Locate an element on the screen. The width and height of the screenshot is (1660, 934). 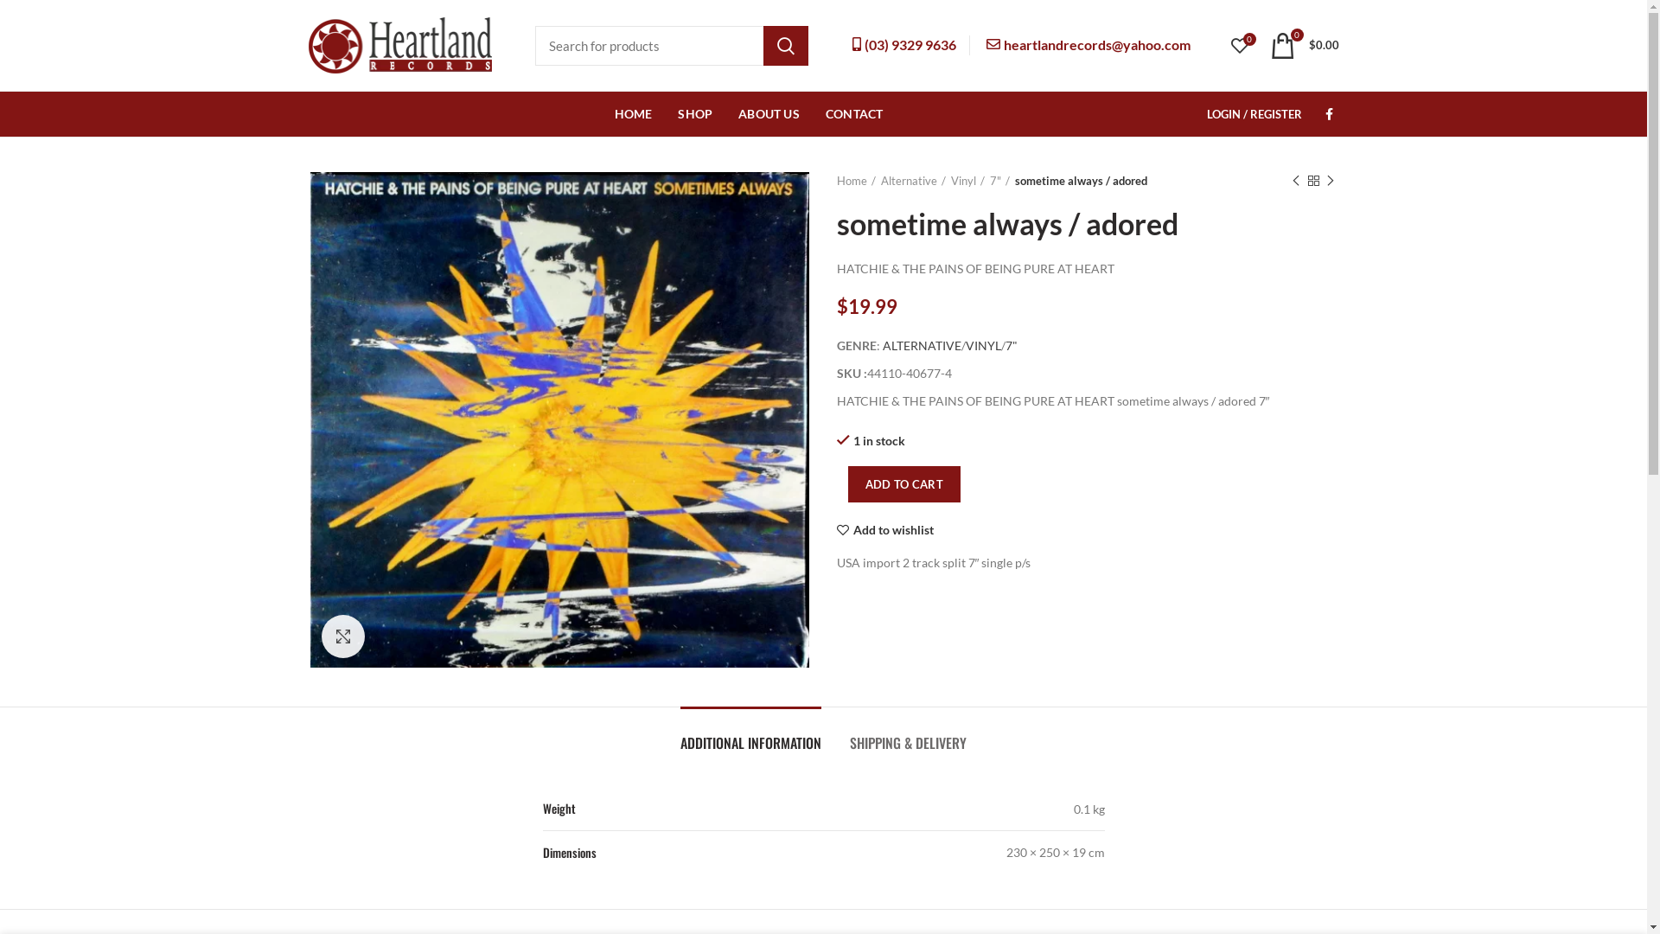
'0 is located at coordinates (1303, 43).